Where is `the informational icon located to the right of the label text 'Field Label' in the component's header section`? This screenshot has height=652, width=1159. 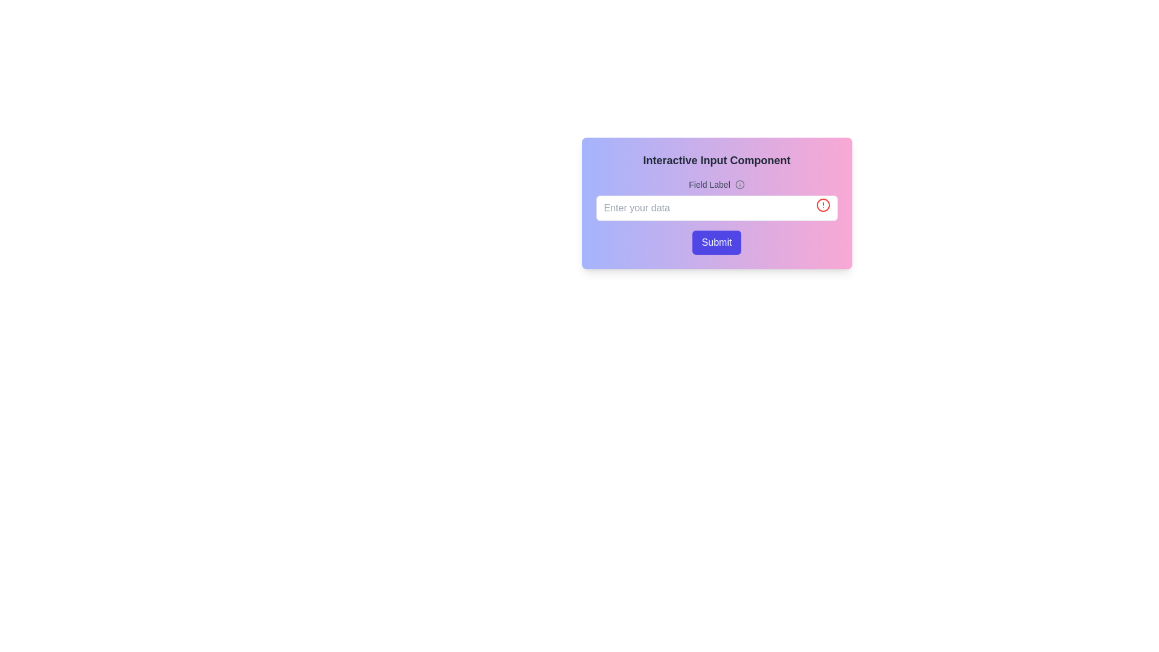 the informational icon located to the right of the label text 'Field Label' in the component's header section is located at coordinates (739, 184).